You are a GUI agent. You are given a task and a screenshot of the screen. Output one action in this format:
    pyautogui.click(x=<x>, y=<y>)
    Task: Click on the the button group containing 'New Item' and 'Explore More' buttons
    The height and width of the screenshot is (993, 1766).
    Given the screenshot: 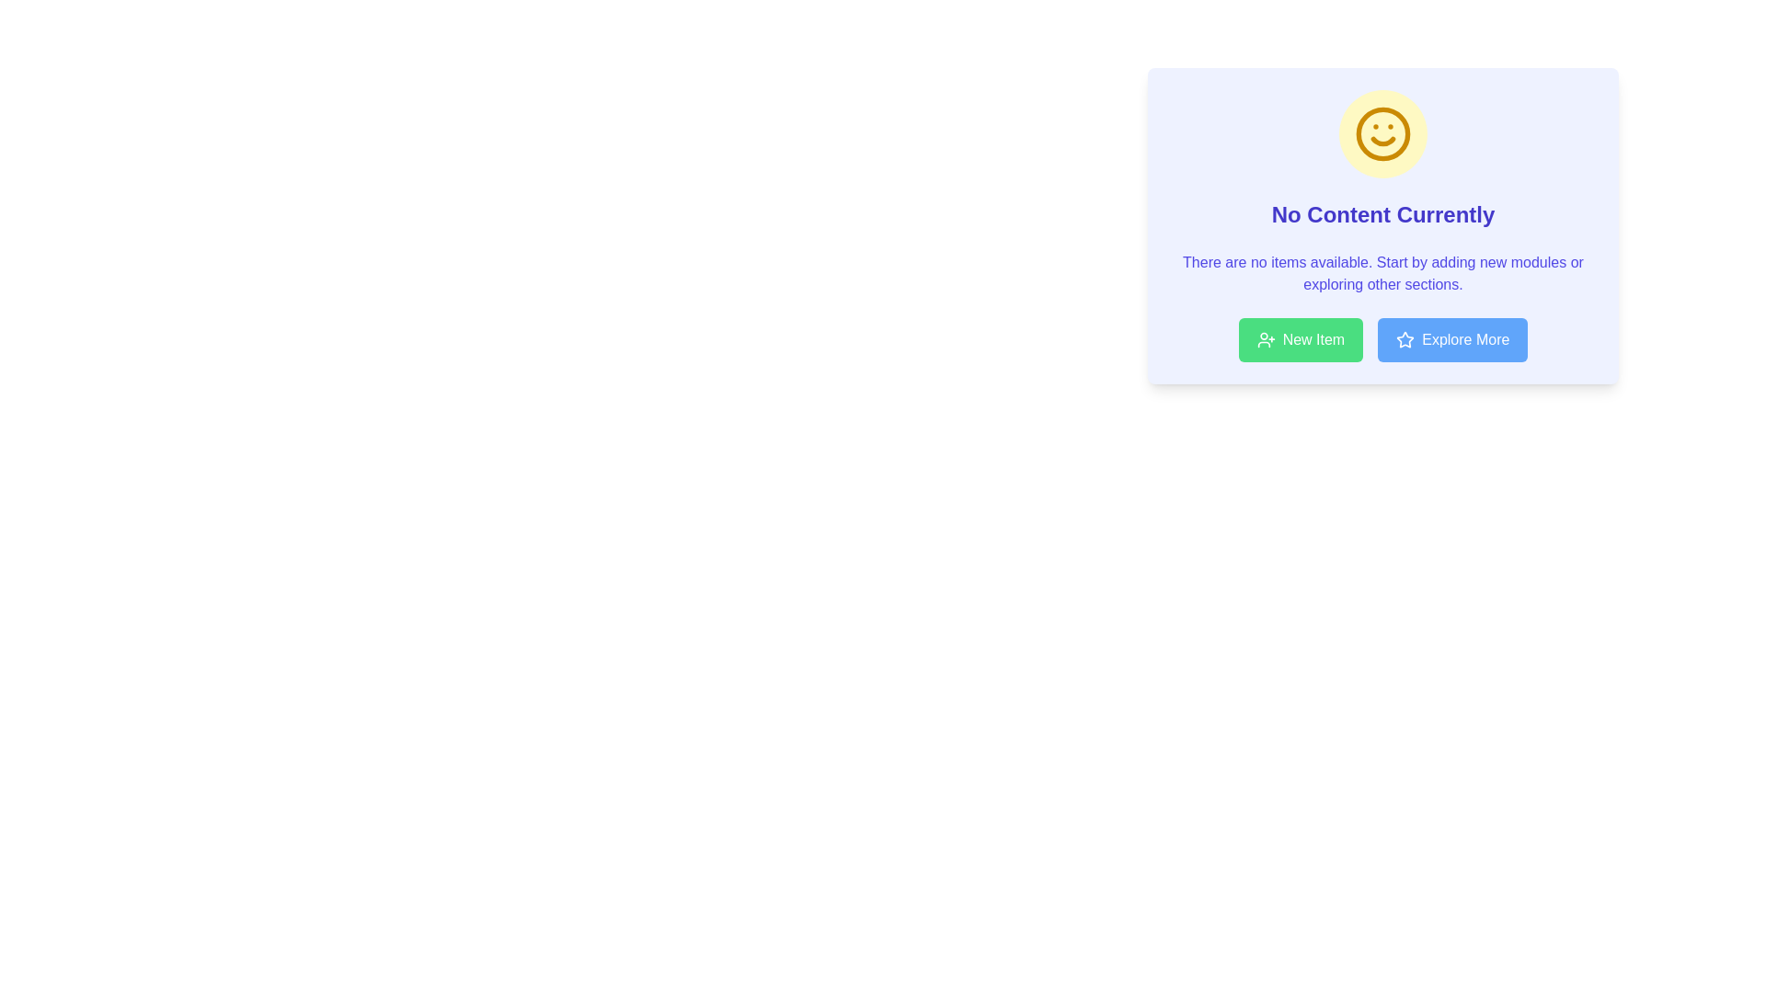 What is the action you would take?
    pyautogui.click(x=1382, y=340)
    